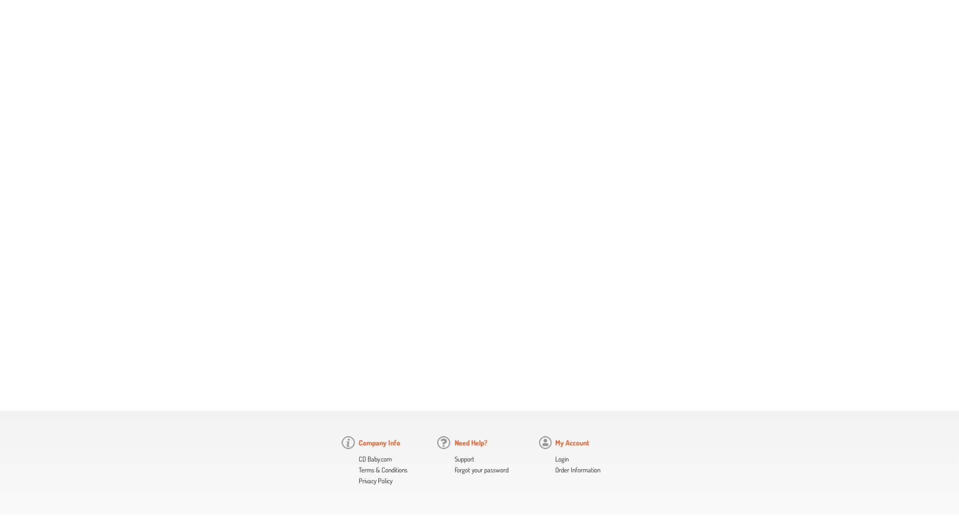  I want to click on 'Forgot your password', so click(454, 470).